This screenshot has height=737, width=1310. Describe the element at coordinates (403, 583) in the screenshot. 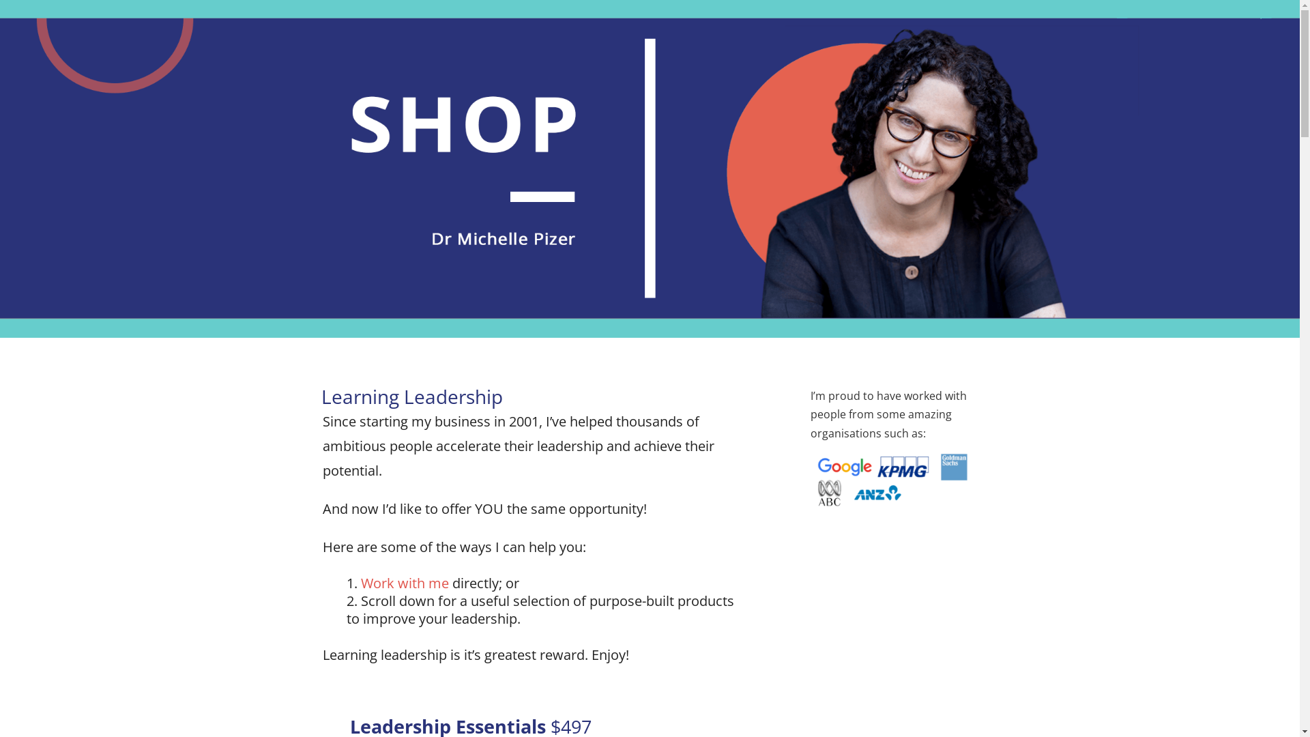

I see `'Work with me'` at that location.